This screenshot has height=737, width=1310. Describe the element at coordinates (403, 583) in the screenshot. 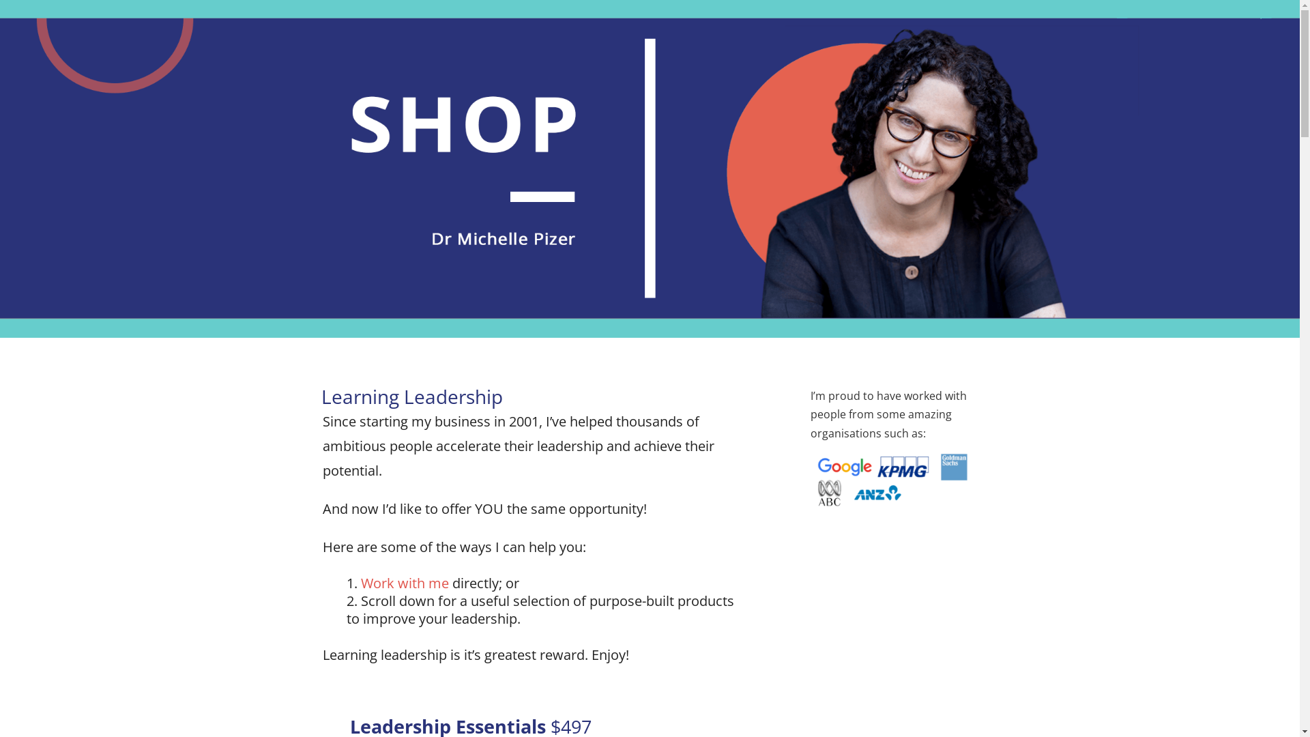

I see `'Work with me'` at that location.